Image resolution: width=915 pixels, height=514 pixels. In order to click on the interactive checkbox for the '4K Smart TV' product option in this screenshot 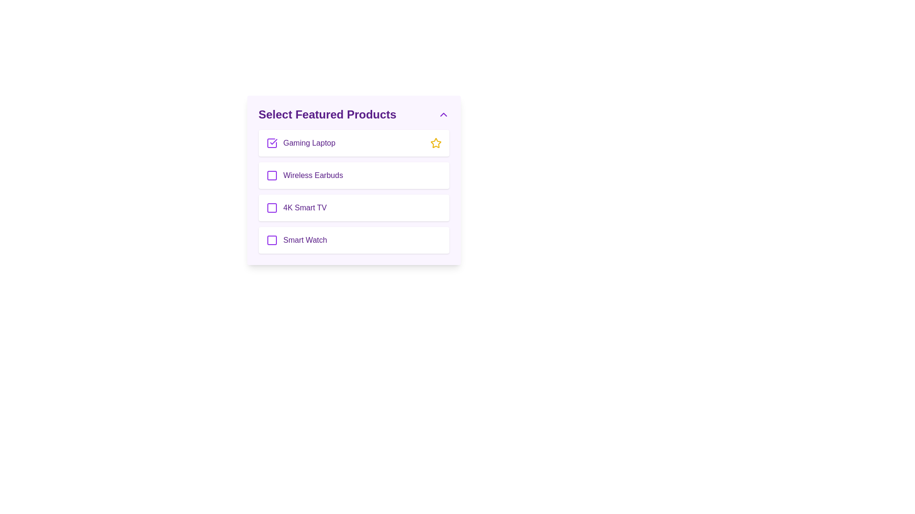, I will do `click(271, 207)`.